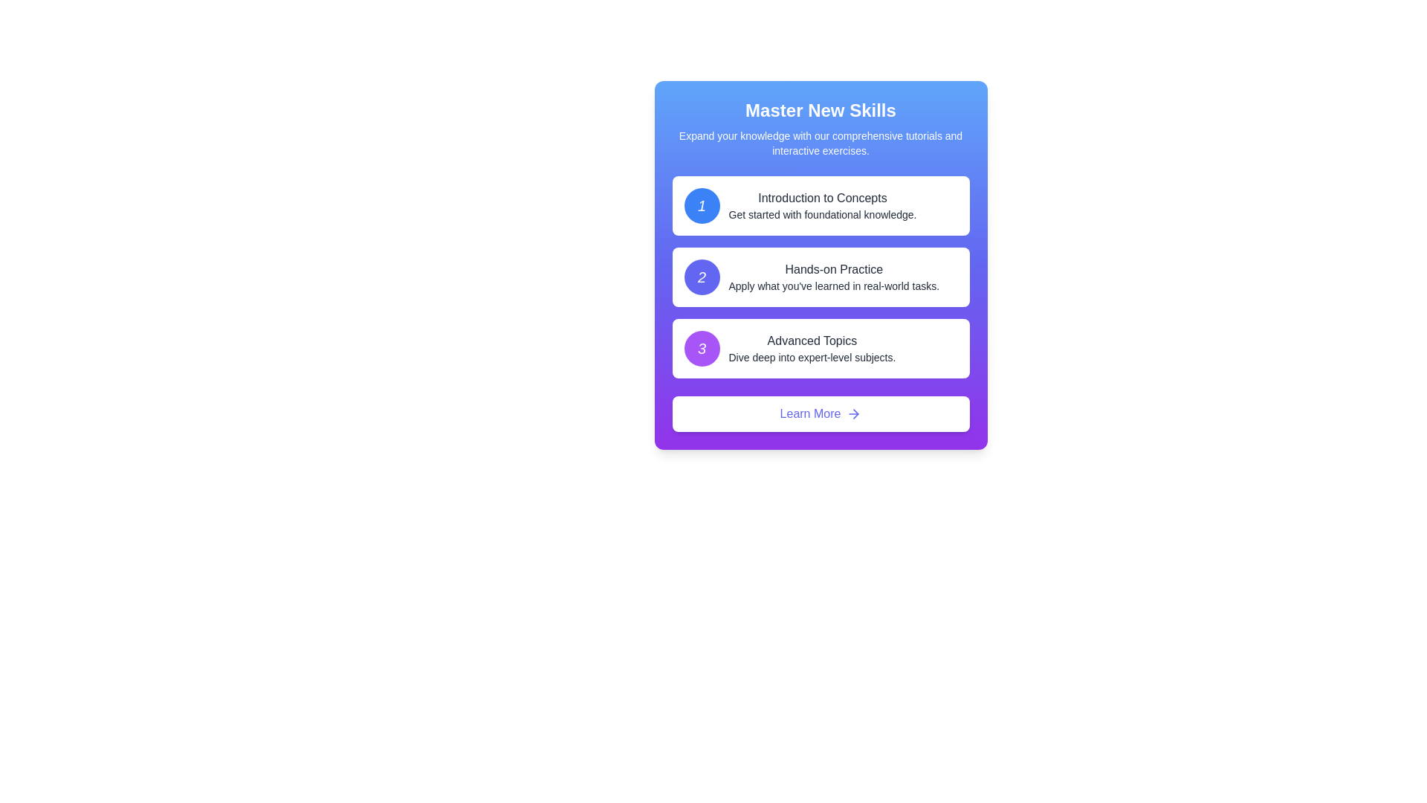  I want to click on the blue circular icon with the number '1' inside it, which is the first icon in a vertical list of sections in the card-based UI layout, so click(701, 206).